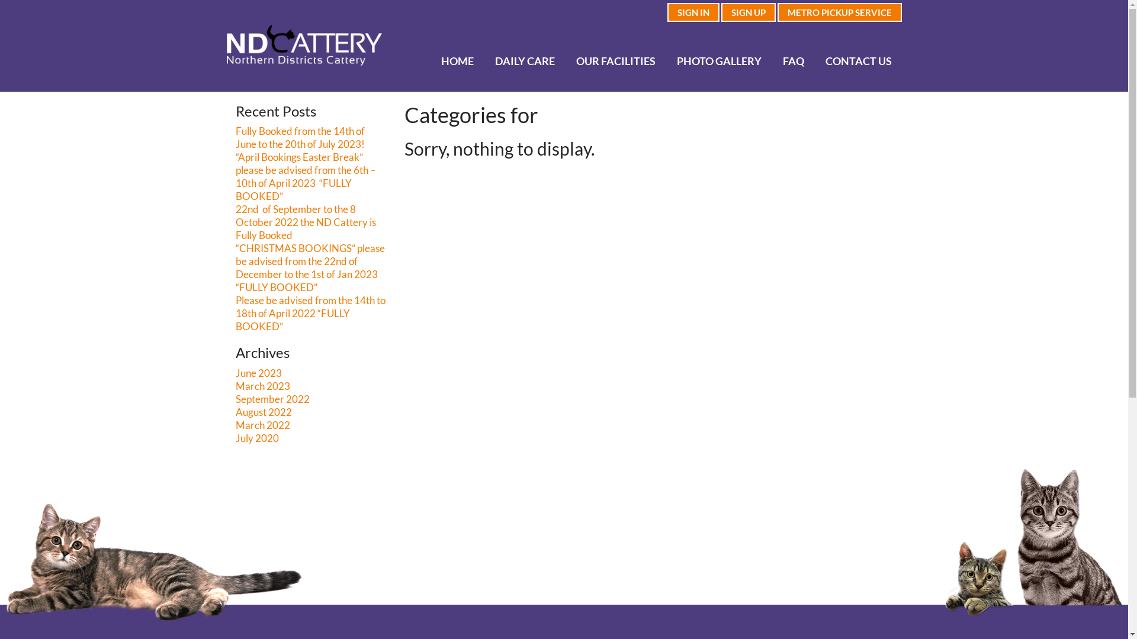  Describe the element at coordinates (794, 60) in the screenshot. I see `'FAQ'` at that location.